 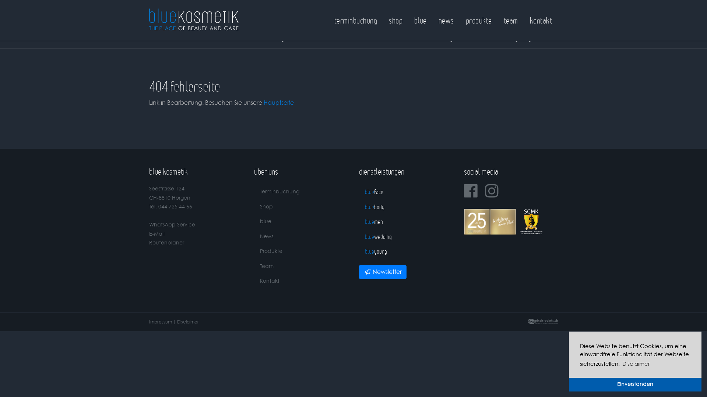 What do you see at coordinates (166, 243) in the screenshot?
I see `'Routenplaner'` at bounding box center [166, 243].